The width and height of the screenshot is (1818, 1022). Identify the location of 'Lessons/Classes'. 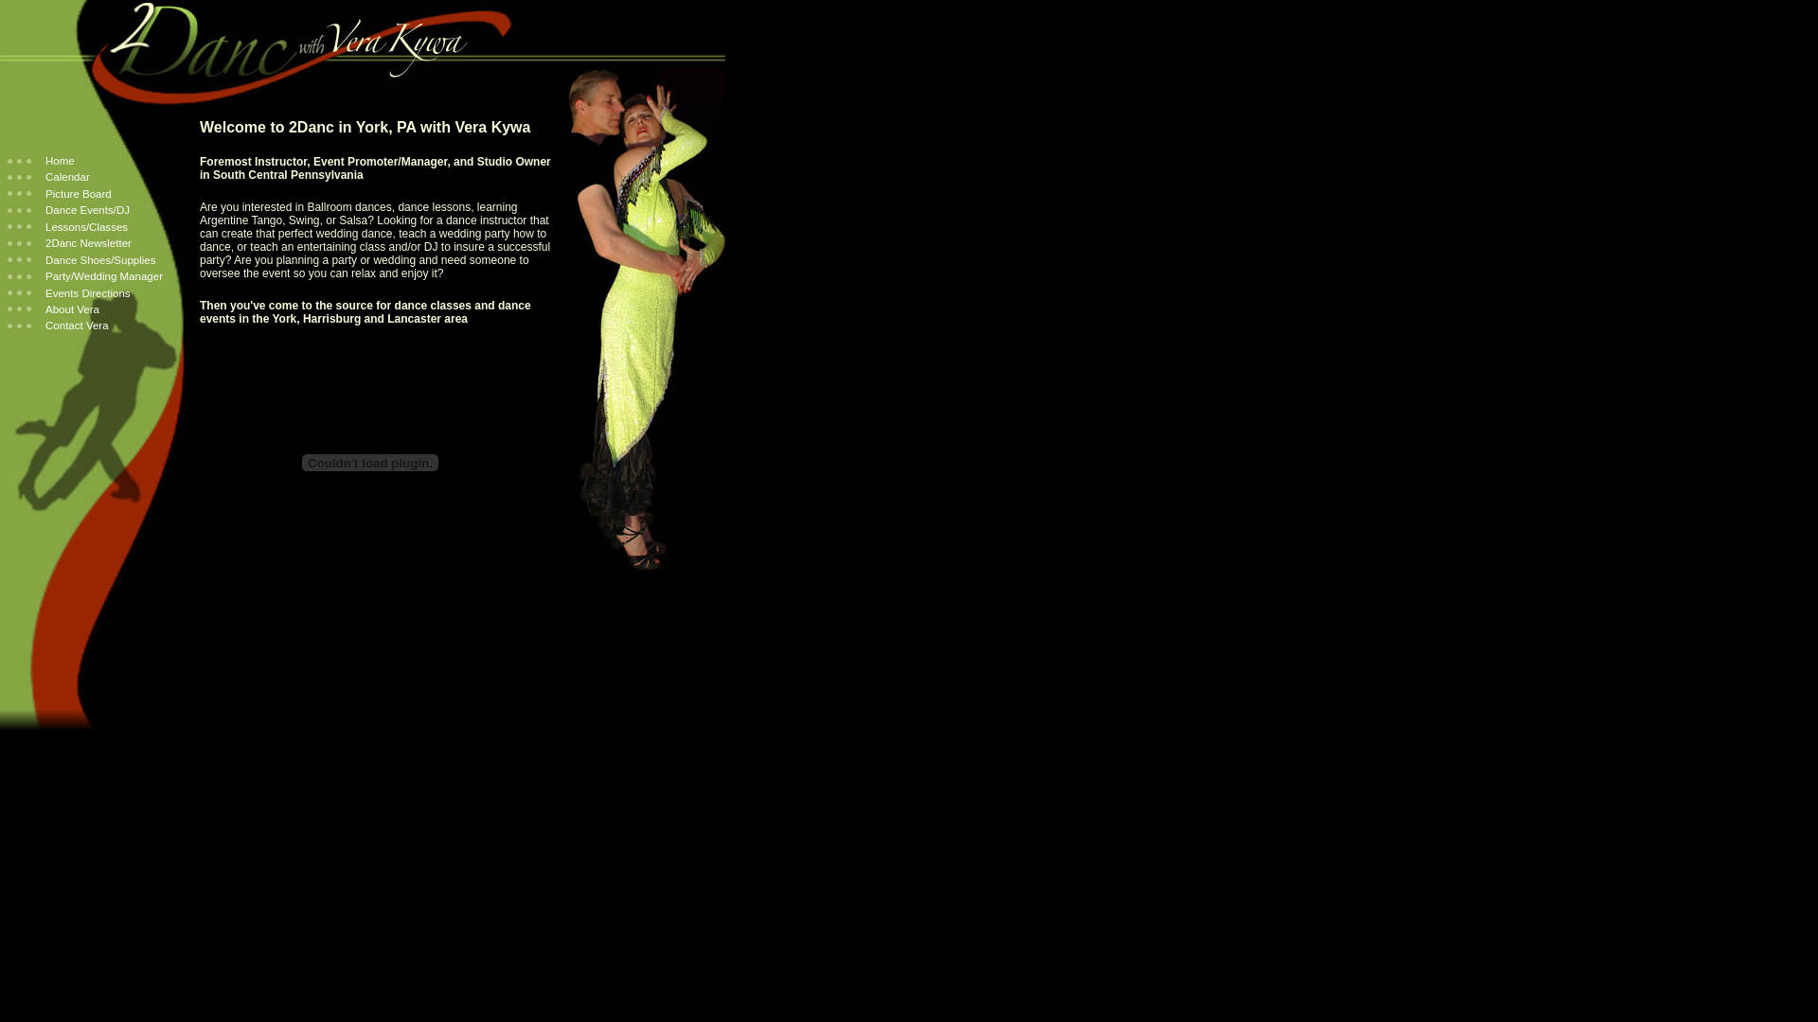
(67, 225).